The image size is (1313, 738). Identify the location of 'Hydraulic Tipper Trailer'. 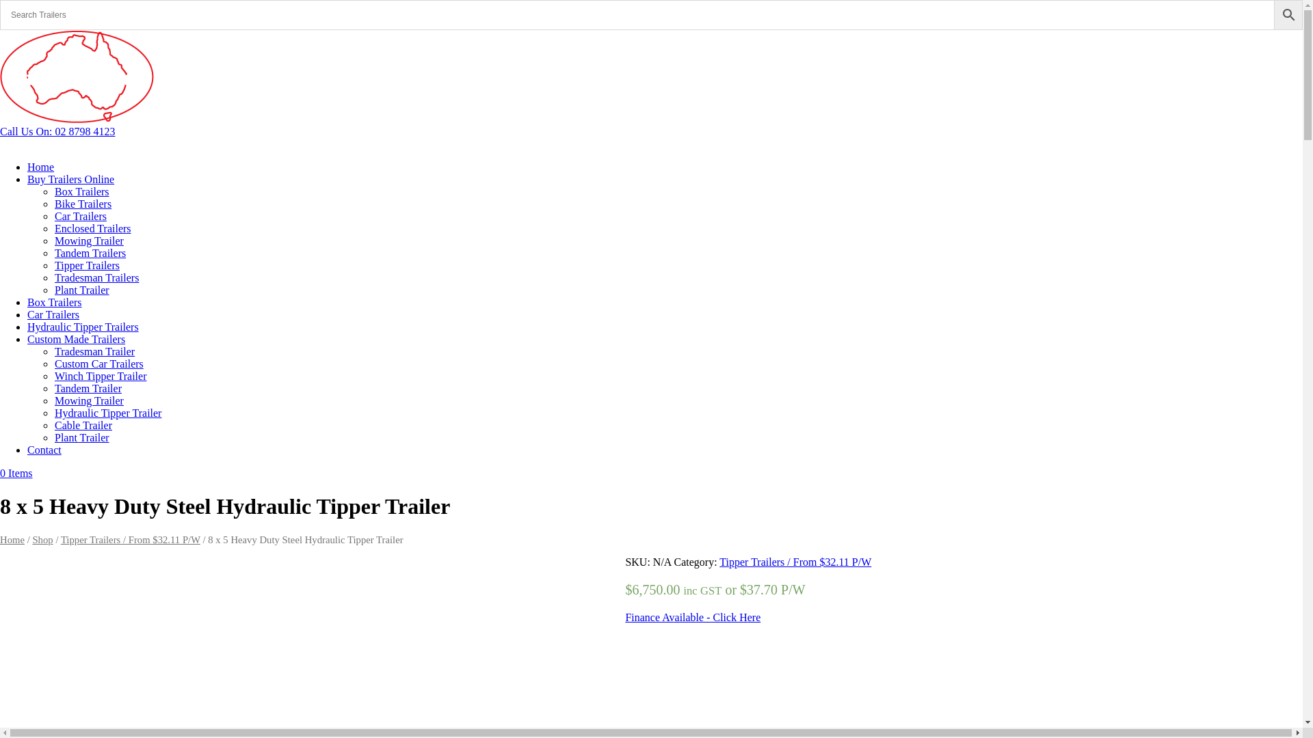
(107, 412).